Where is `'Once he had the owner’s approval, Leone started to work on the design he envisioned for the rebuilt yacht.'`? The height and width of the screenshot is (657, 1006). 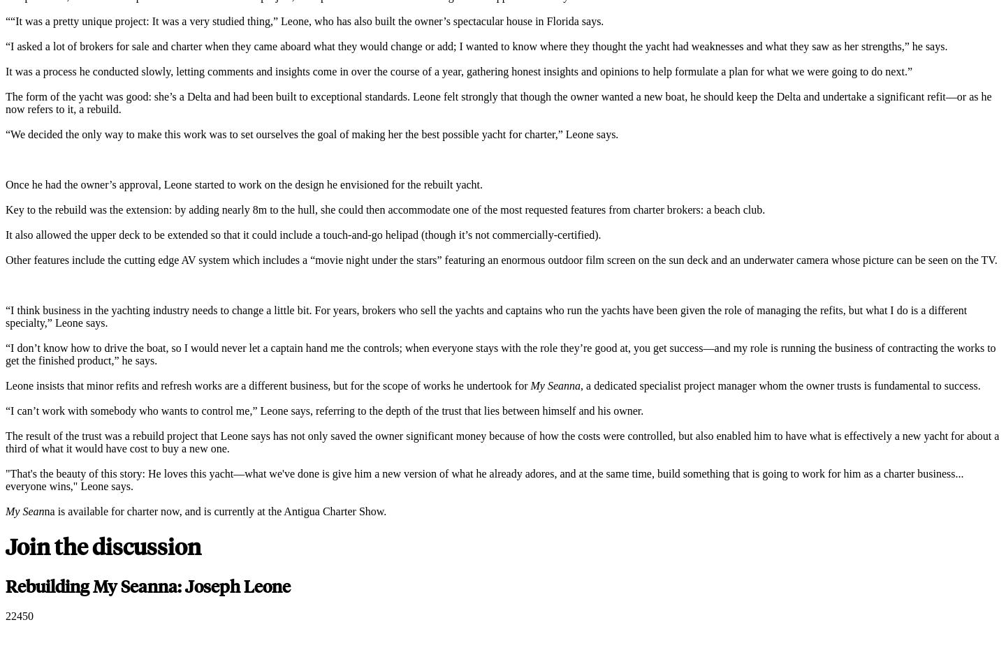
'Once he had the owner’s approval, Leone started to work on the design he envisioned for the rebuilt yacht.' is located at coordinates (245, 184).